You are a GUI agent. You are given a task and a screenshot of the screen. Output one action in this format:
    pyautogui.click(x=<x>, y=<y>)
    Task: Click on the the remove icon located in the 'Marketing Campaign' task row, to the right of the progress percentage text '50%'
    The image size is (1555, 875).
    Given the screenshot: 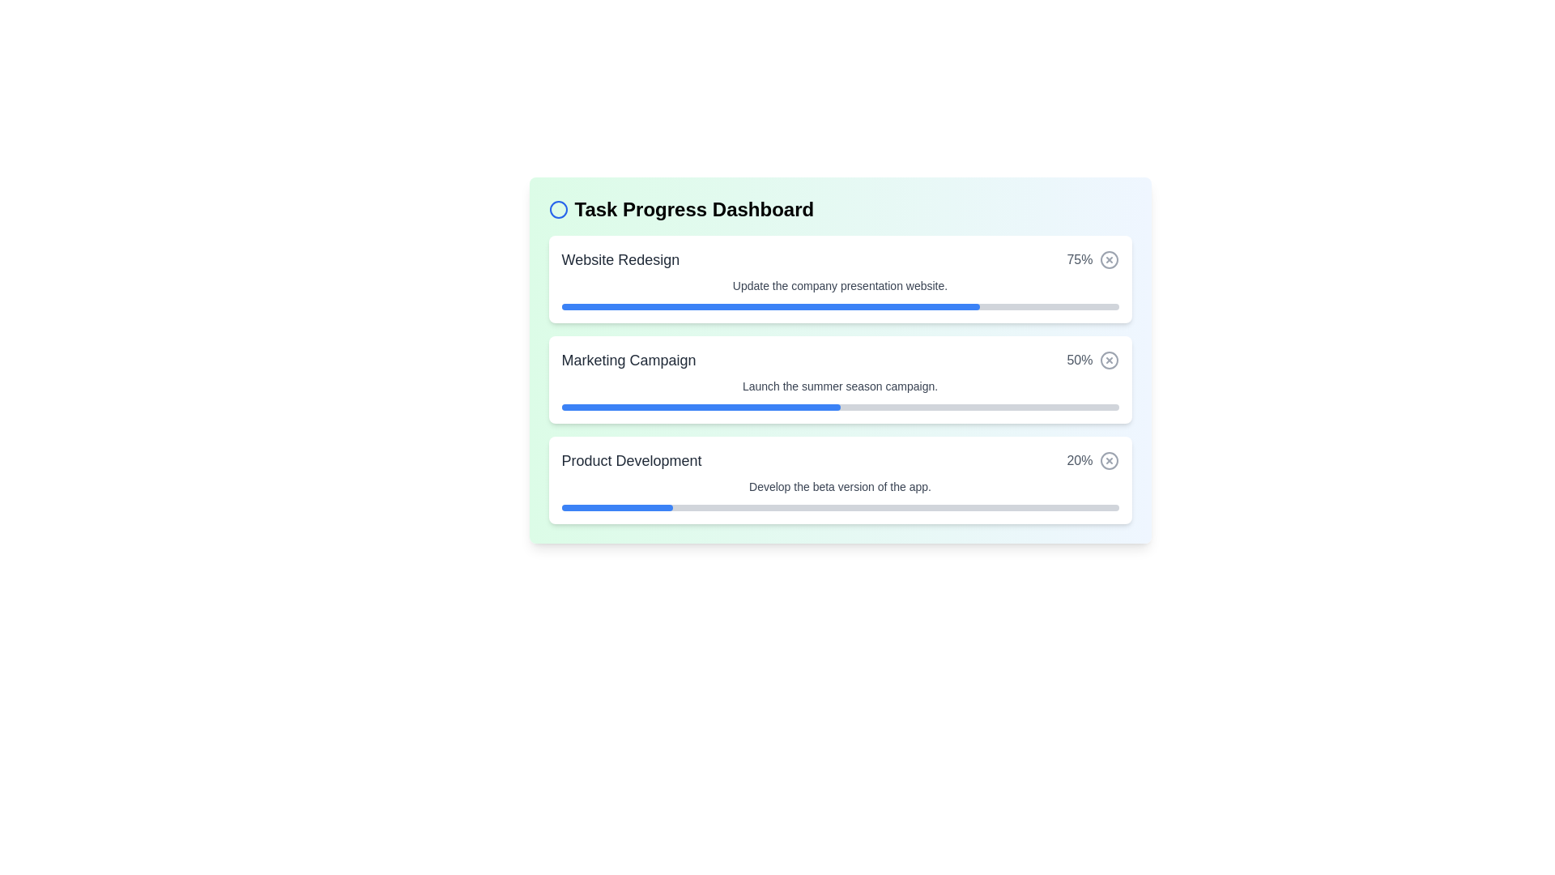 What is the action you would take?
    pyautogui.click(x=1108, y=359)
    